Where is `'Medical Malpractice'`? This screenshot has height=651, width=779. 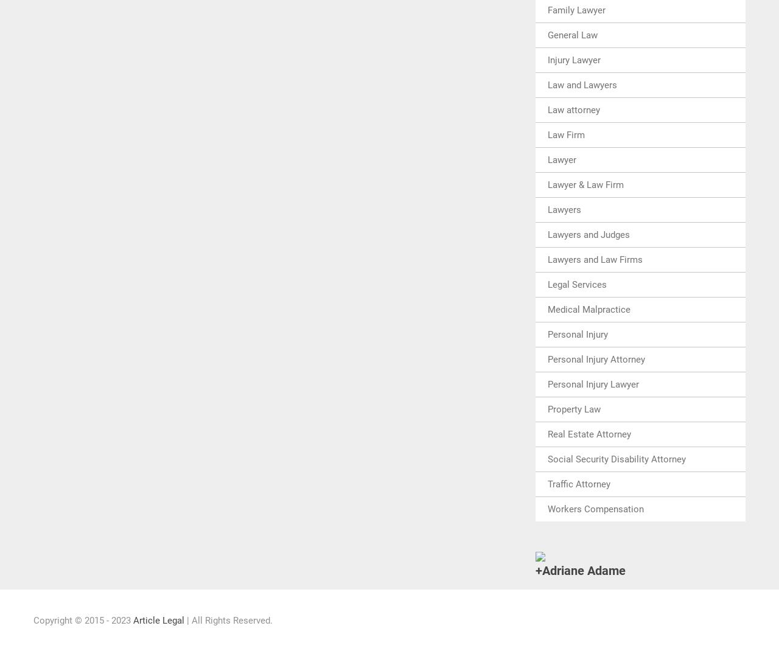
'Medical Malpractice' is located at coordinates (589, 309).